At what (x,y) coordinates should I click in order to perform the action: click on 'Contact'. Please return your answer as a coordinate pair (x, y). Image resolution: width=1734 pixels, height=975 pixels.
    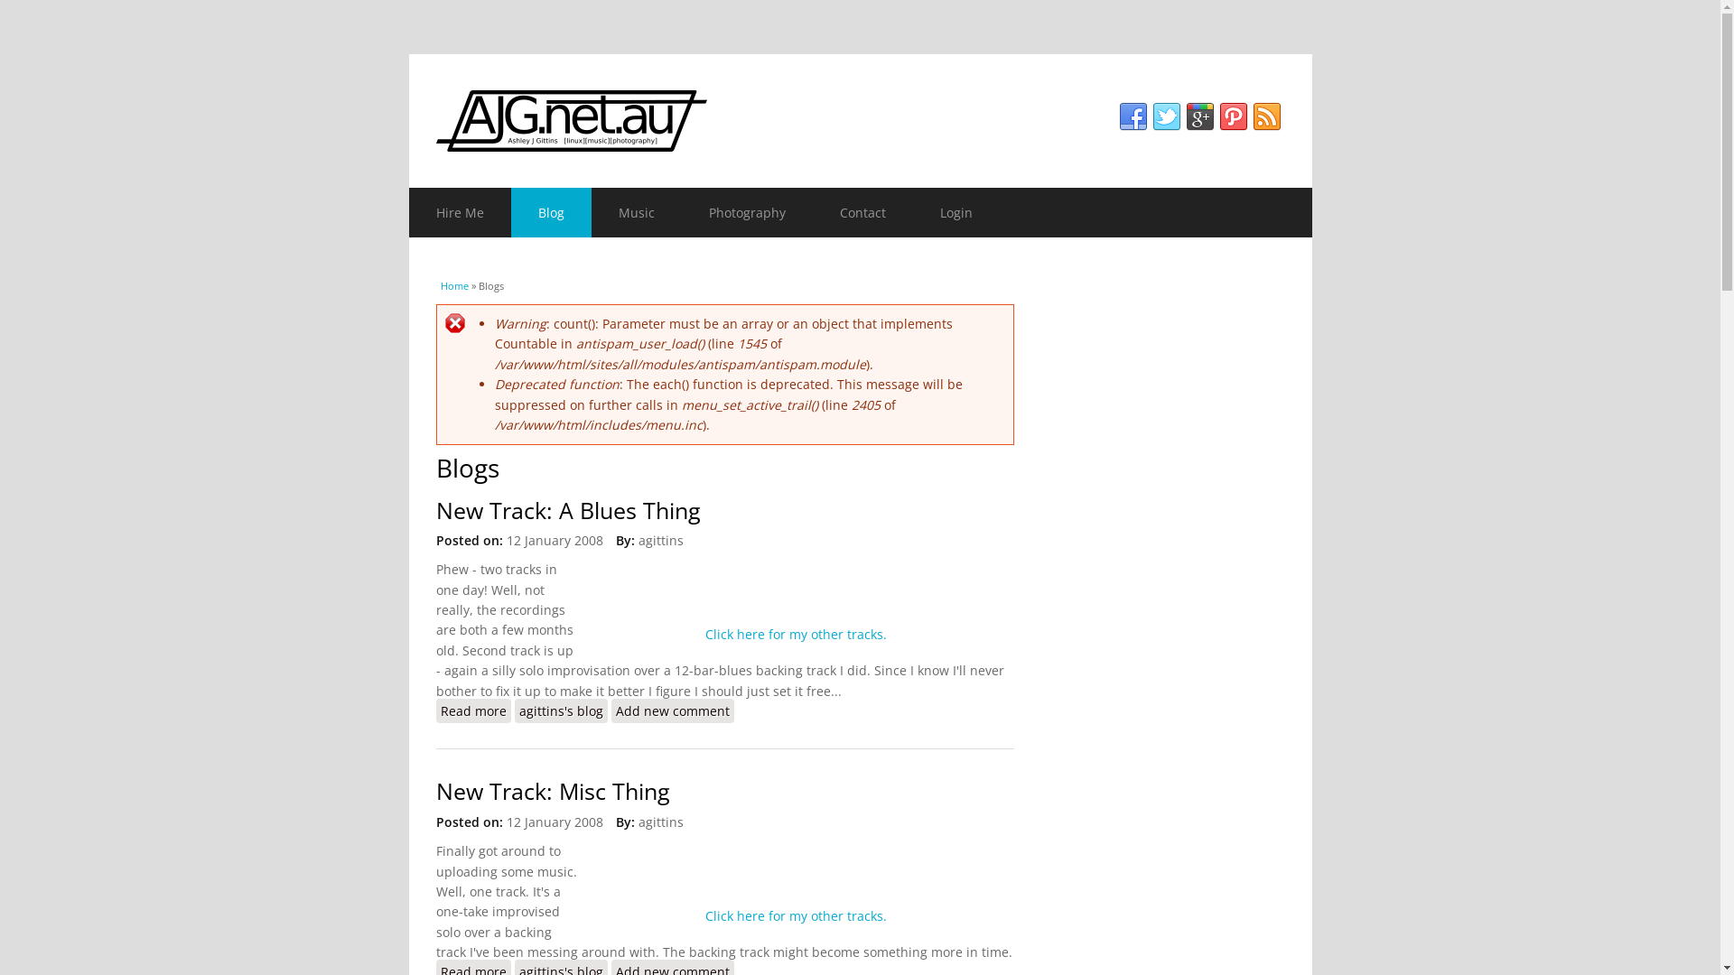
    Looking at the image, I should click on (862, 211).